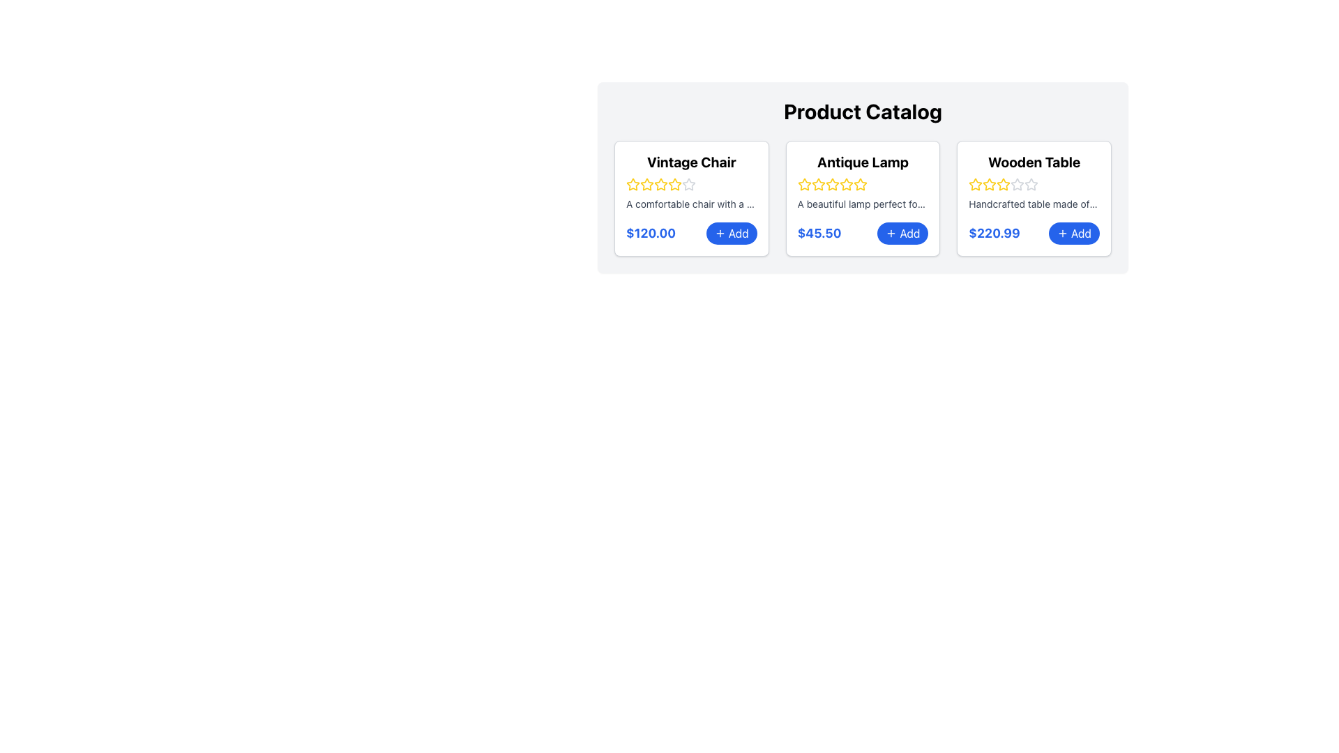  What do you see at coordinates (862, 110) in the screenshot?
I see `text from the section heading that indicates the purpose of the product cards below` at bounding box center [862, 110].